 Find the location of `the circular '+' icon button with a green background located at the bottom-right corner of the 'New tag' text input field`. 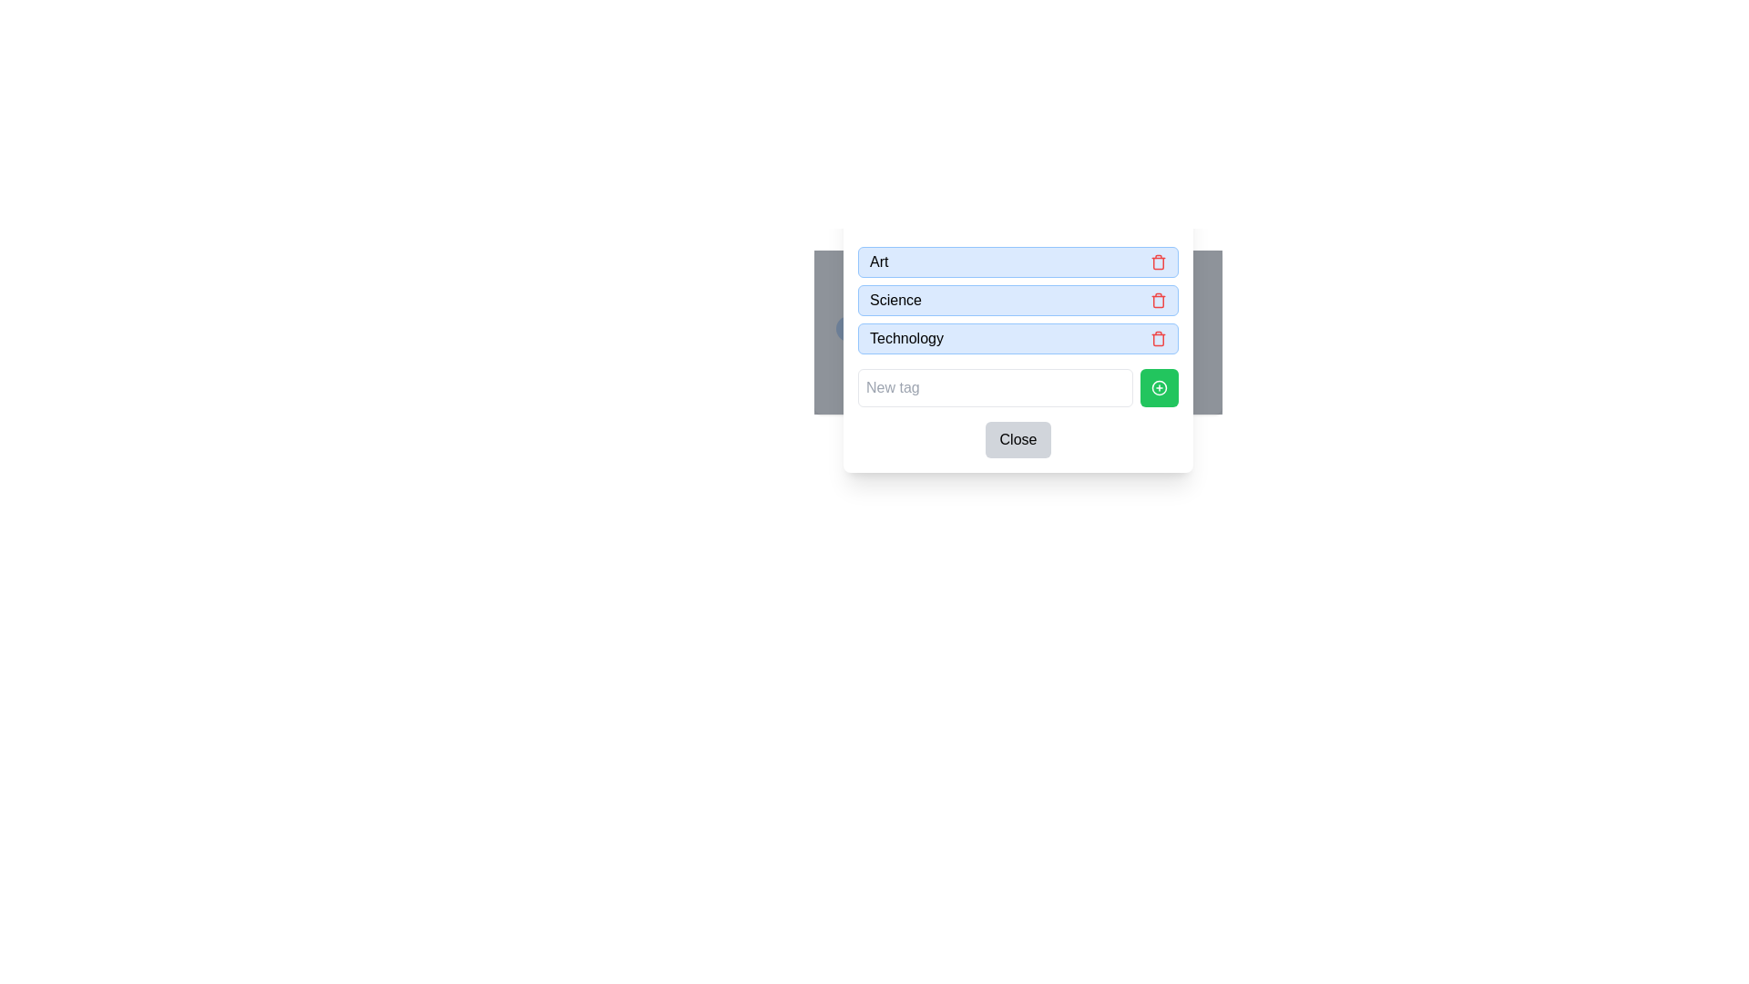

the circular '+' icon button with a green background located at the bottom-right corner of the 'New tag' text input field is located at coordinates (1158, 386).